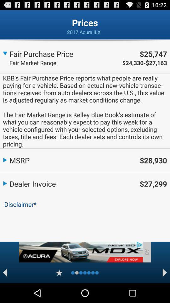 This screenshot has width=170, height=303. I want to click on favourite, so click(59, 272).